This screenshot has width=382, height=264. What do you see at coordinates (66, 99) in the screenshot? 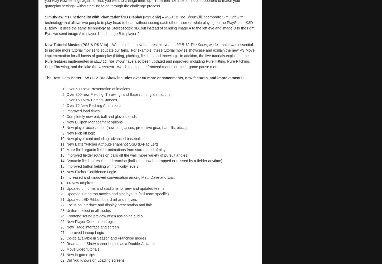
I see `'Over 150 New Batting Stances'` at bounding box center [66, 99].